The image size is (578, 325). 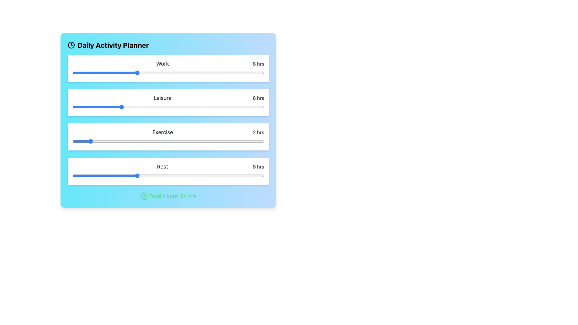 What do you see at coordinates (168, 132) in the screenshot?
I see `the 'Exercise' text display element in the Daily Activity Planner, which features 'Exercise' in a large dark font and '2 hrs' in a smaller bold gray font` at bounding box center [168, 132].